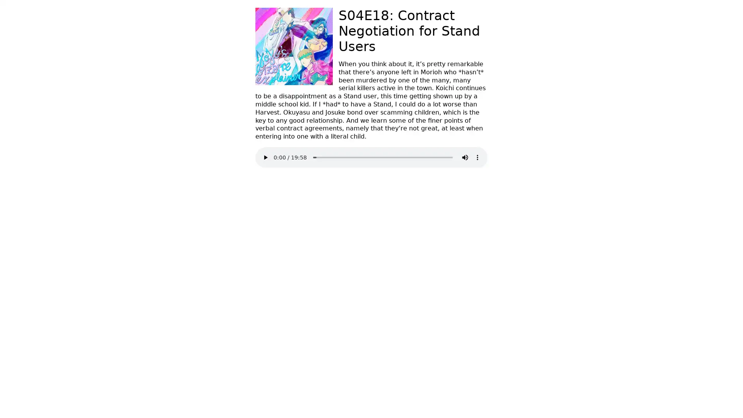 Image resolution: width=743 pixels, height=418 pixels. I want to click on show more media controls, so click(477, 157).